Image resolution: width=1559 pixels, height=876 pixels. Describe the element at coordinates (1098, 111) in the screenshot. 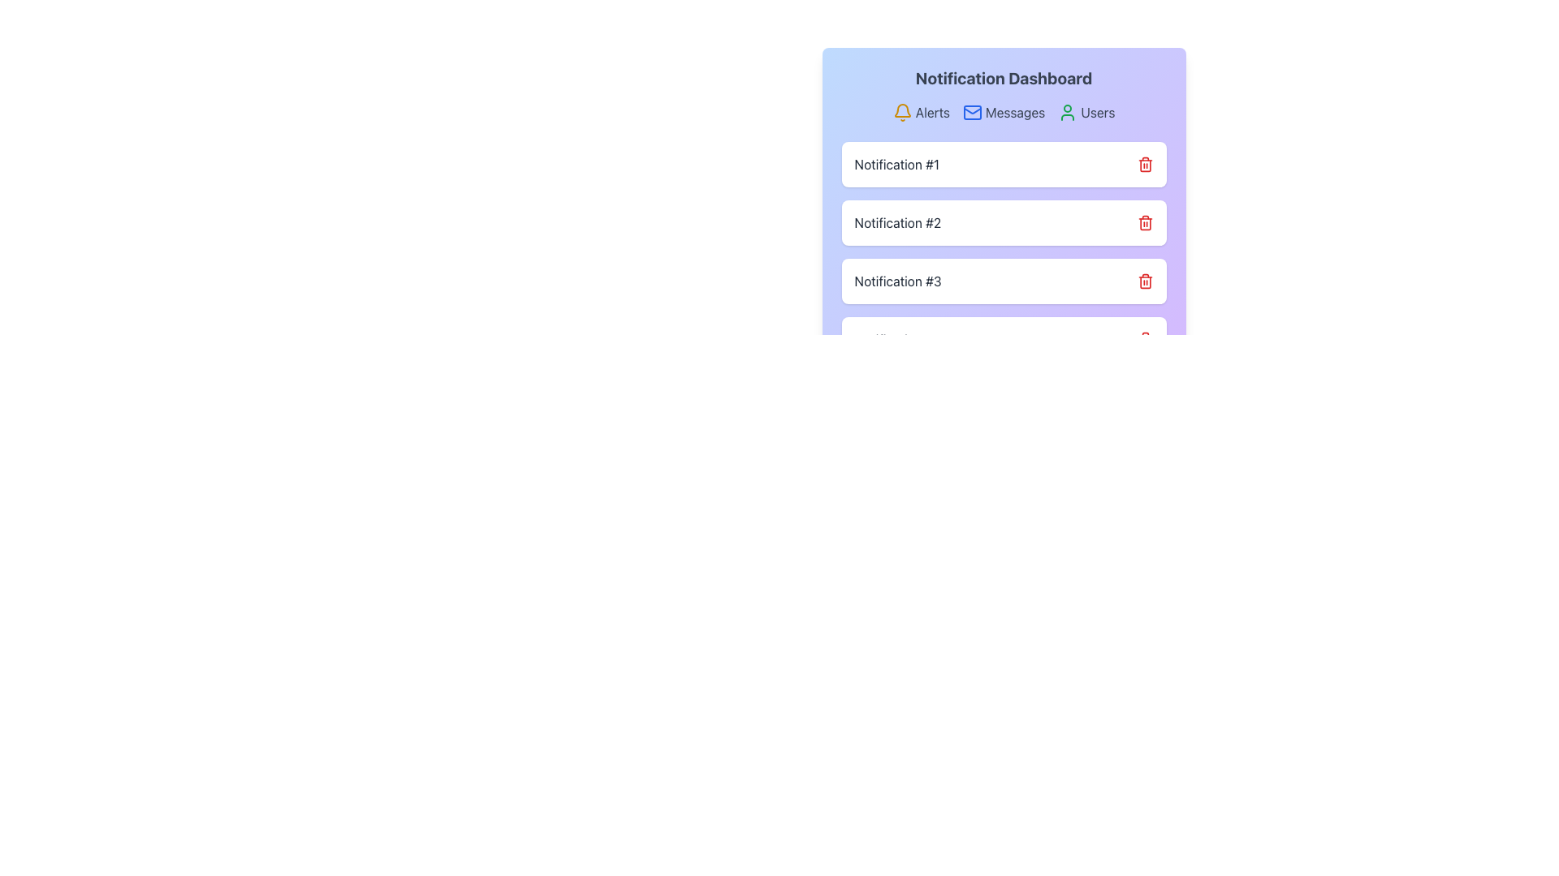

I see `the text label indicating user management or profiles` at that location.